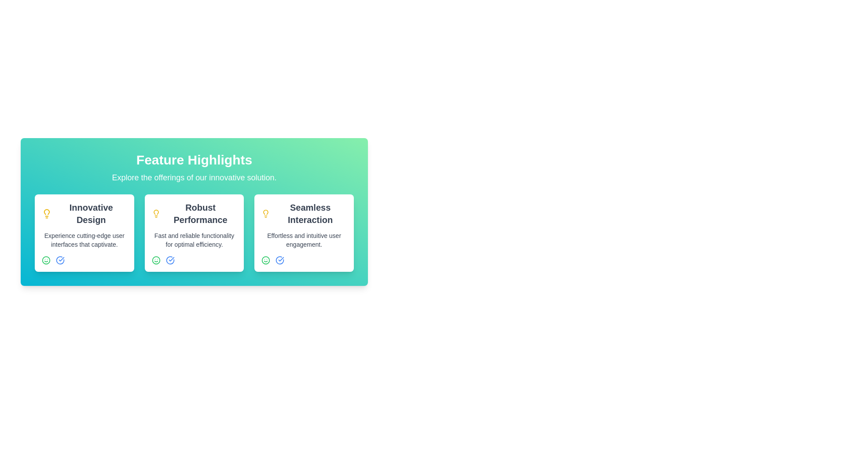 This screenshot has width=845, height=475. I want to click on the green circular icon with a smiley face design located inside the third description card in the feature highlights section, underneath the 'Seamless Interaction' title and icon, so click(265, 259).